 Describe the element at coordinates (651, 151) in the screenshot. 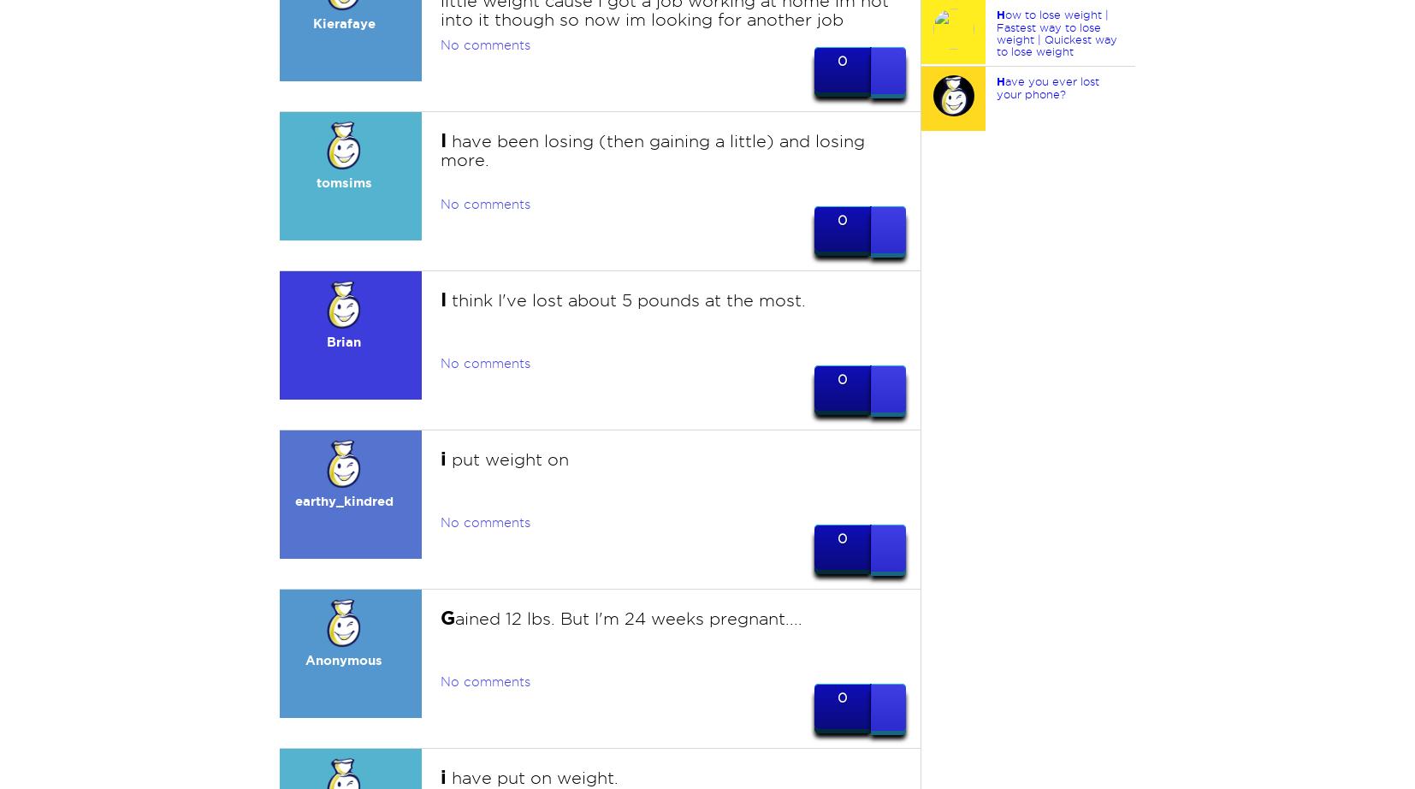

I see `'have been losing (then gaining a little) and losing more.'` at that location.